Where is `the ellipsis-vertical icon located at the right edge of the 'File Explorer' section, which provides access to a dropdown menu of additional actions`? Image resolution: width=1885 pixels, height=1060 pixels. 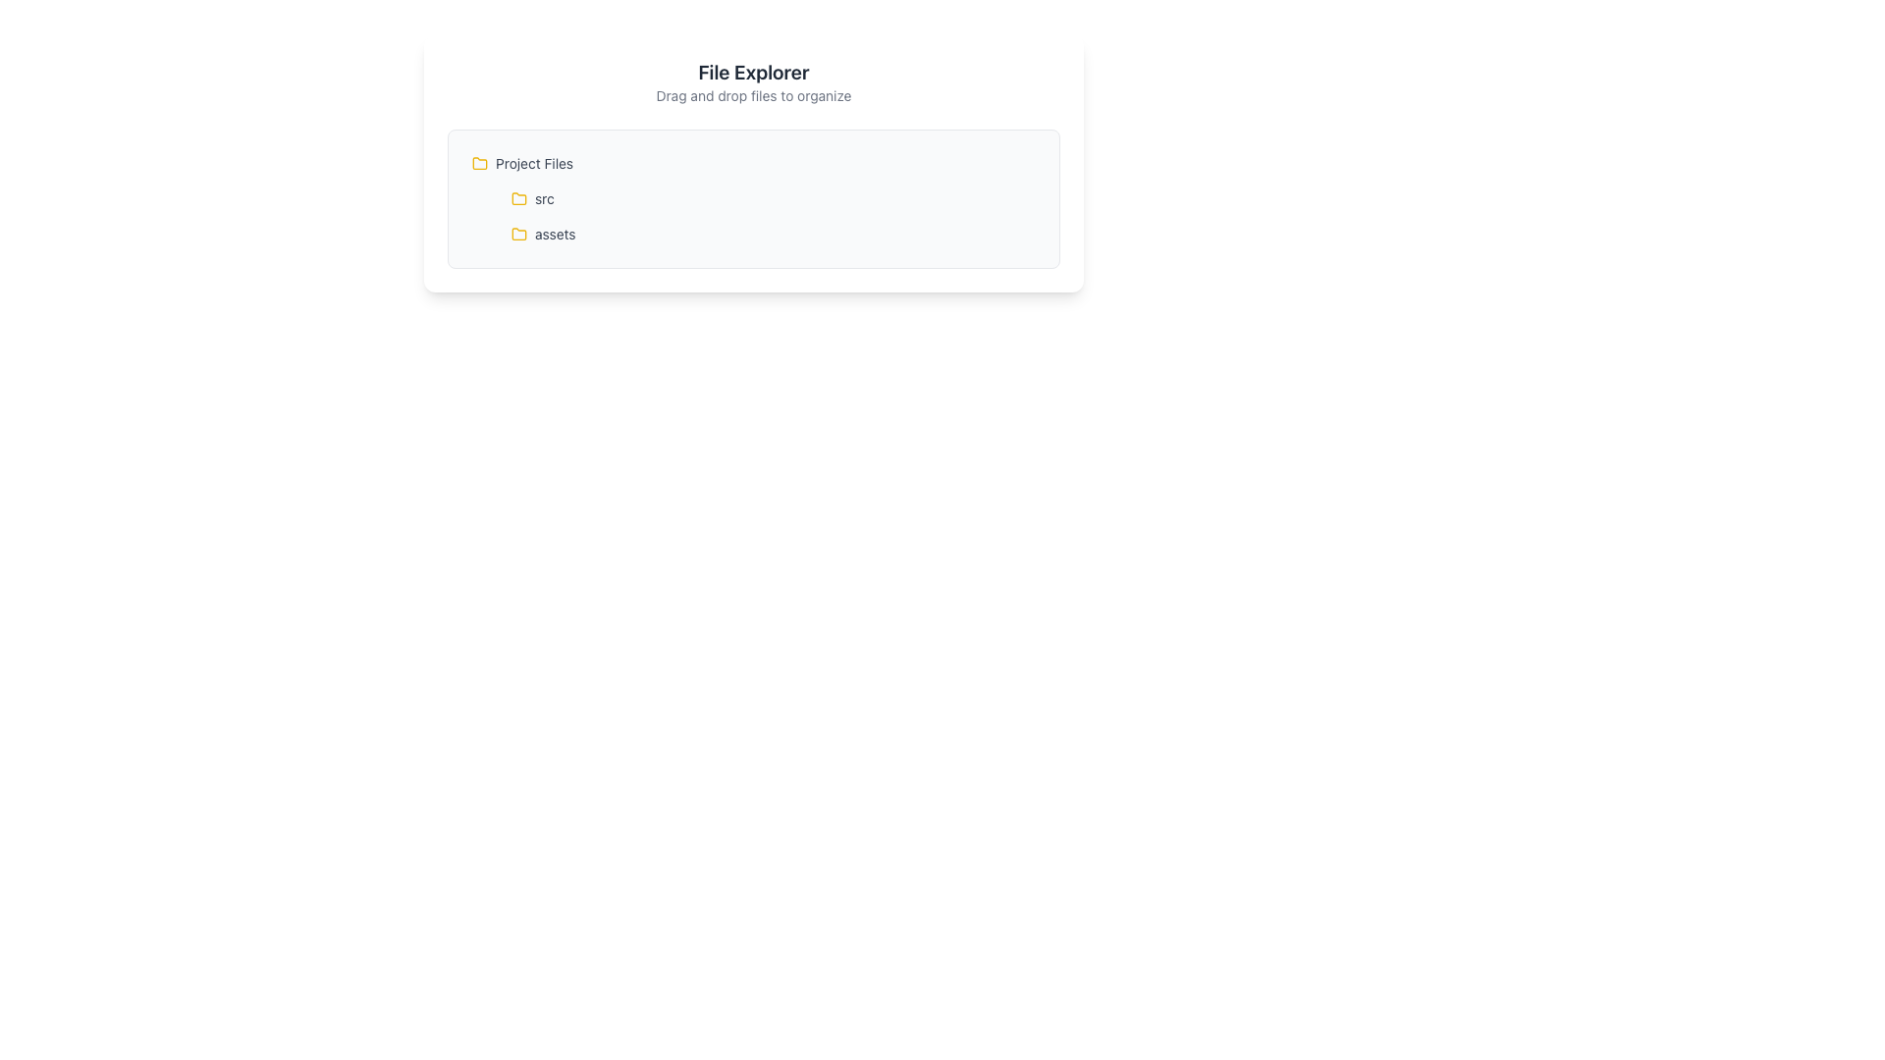 the ellipsis-vertical icon located at the right edge of the 'File Explorer' section, which provides access to a dropdown menu of additional actions is located at coordinates (1026, 199).